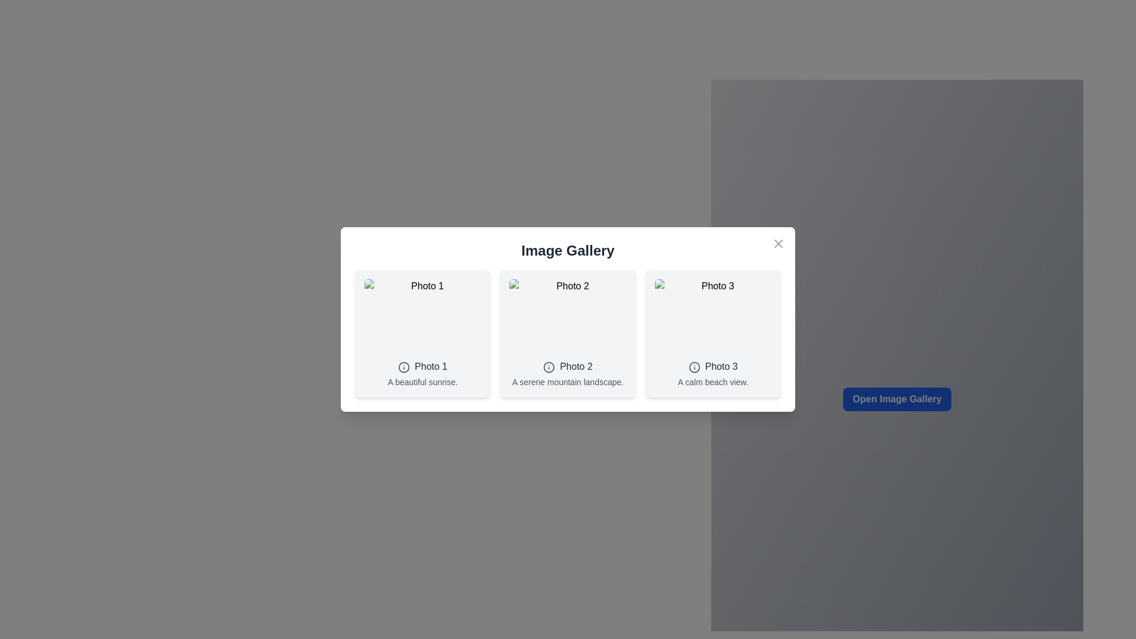 The width and height of the screenshot is (1136, 639). I want to click on the rectangular button labeled 'Open Image Gallery' with a blue background and white text, so click(897, 399).